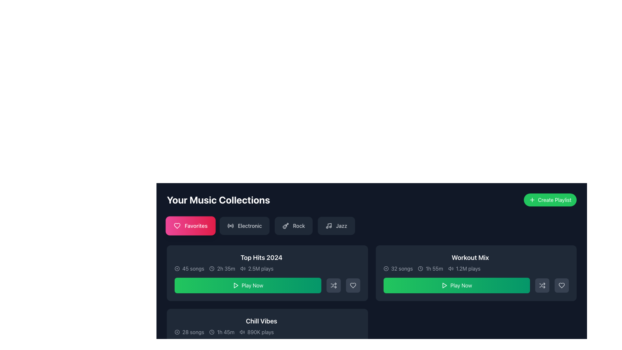  Describe the element at coordinates (341, 226) in the screenshot. I see `the 'Jazz' genre label button` at that location.